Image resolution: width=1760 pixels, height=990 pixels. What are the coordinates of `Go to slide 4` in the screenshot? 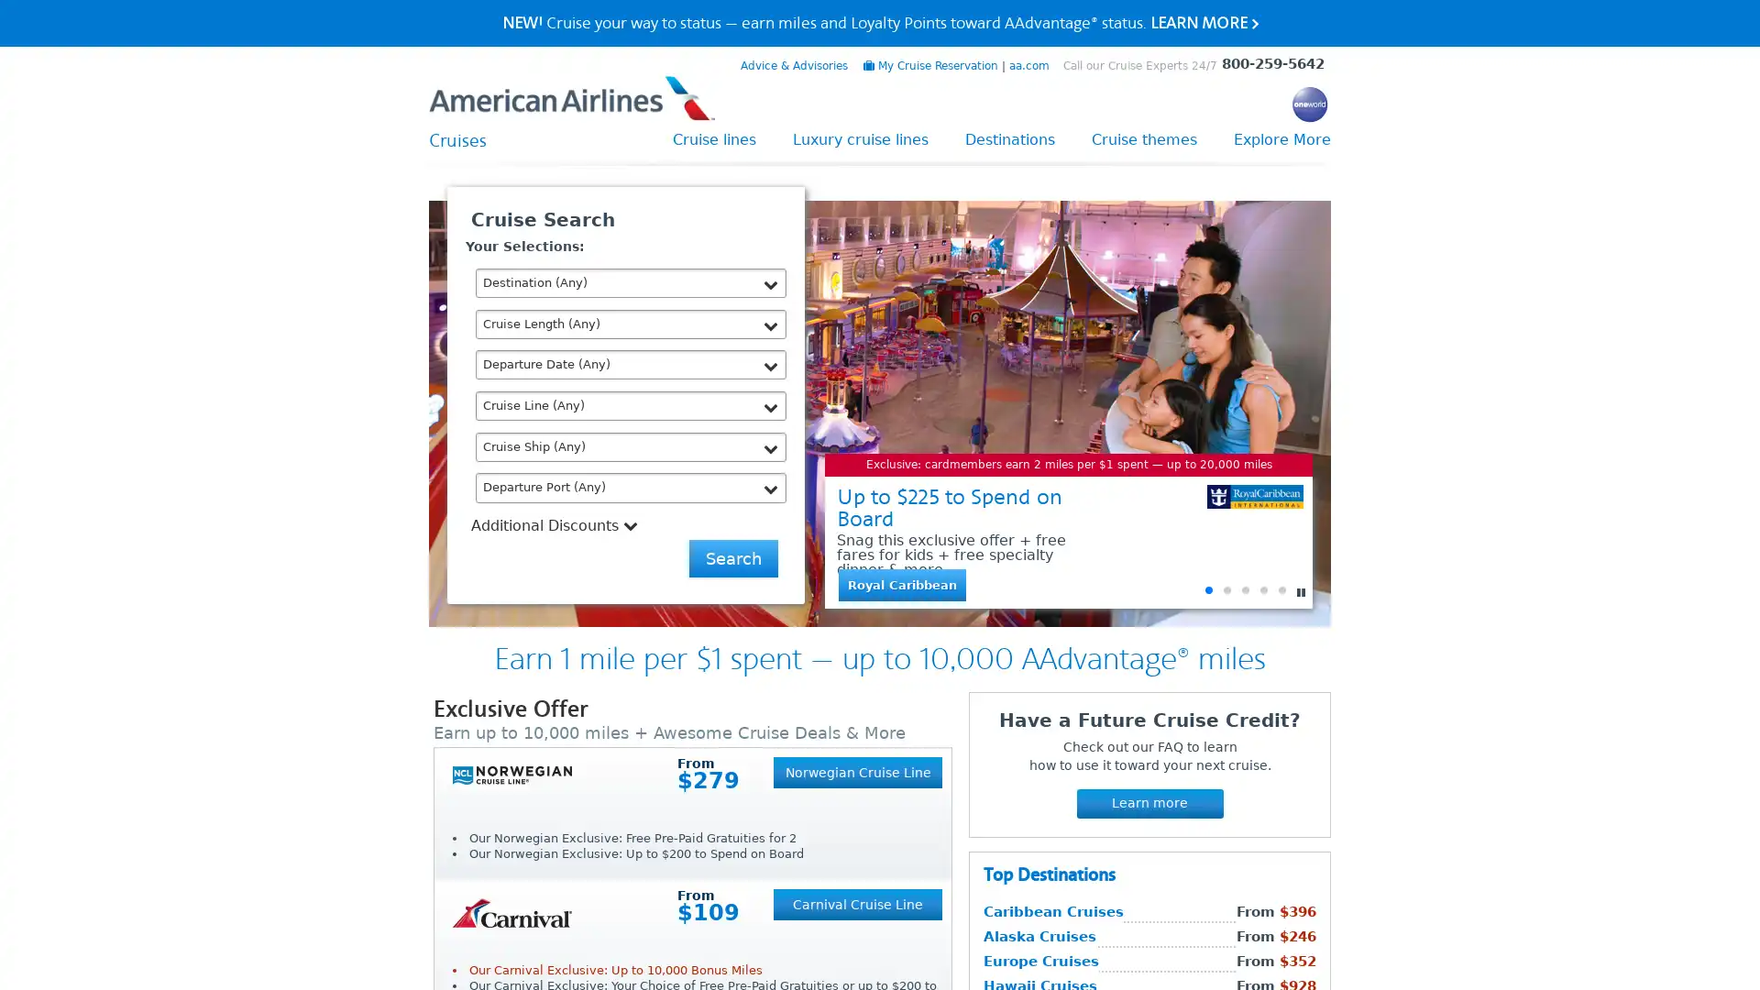 It's located at (1261, 590).